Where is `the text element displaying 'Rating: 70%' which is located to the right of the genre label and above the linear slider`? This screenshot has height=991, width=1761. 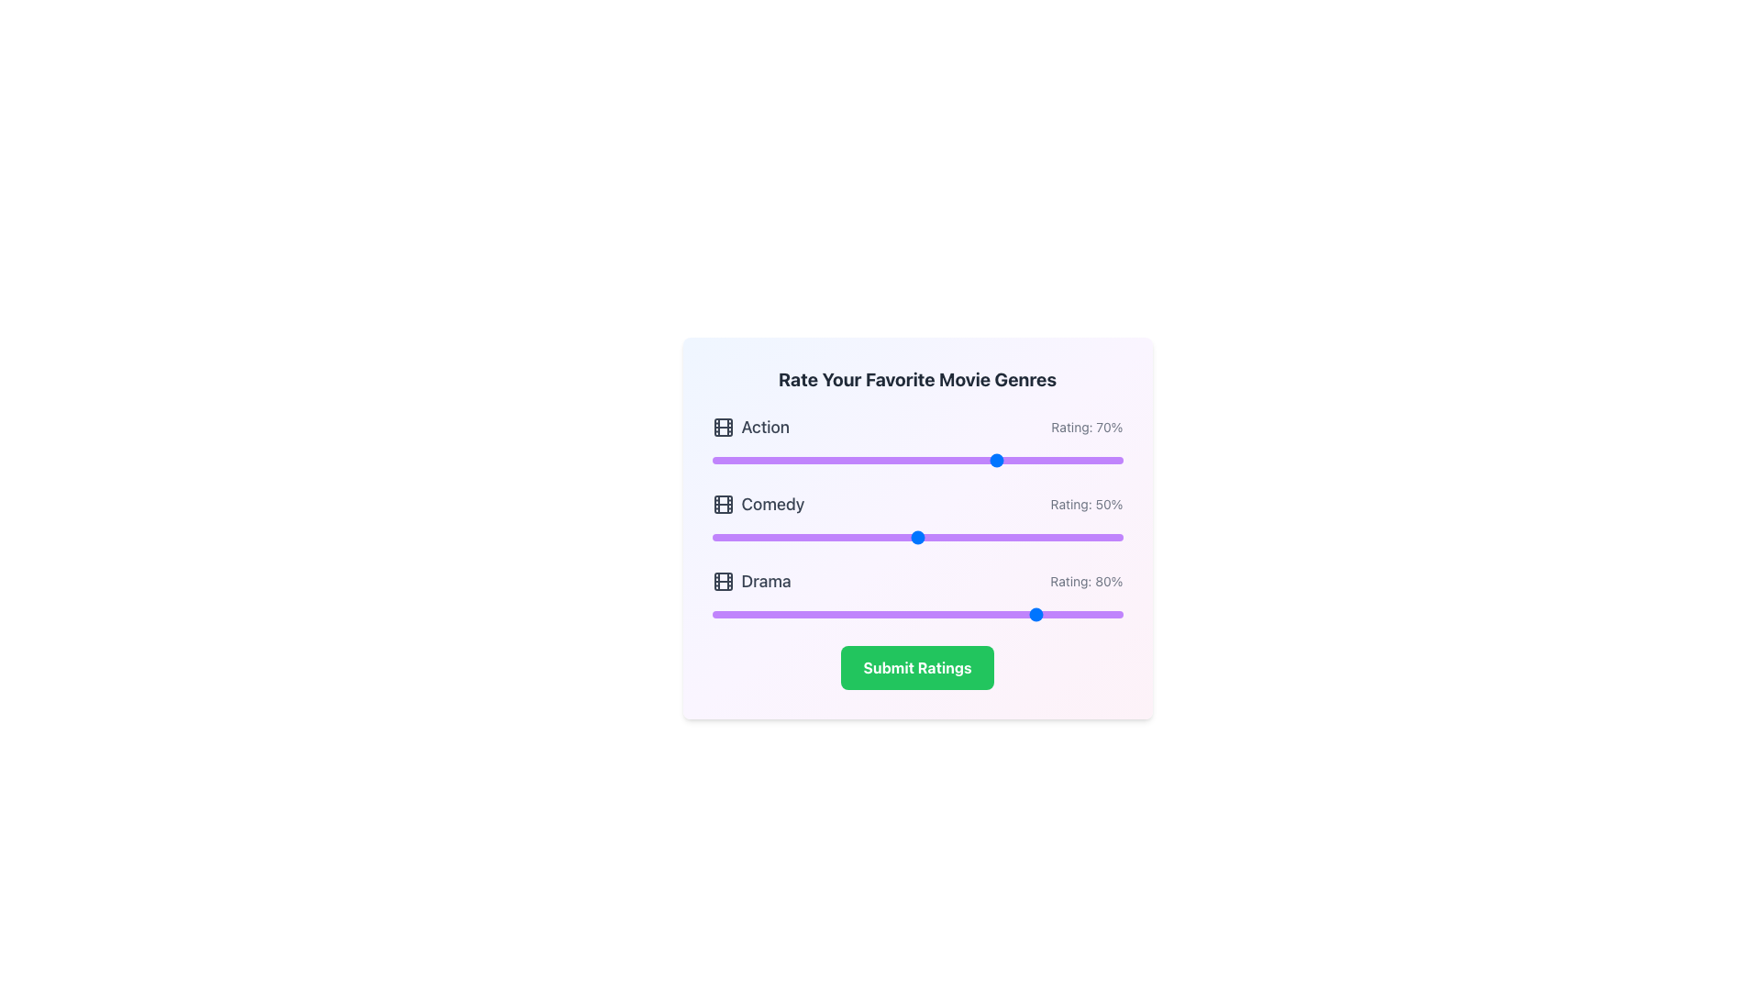
the text element displaying 'Rating: 70%' which is located to the right of the genre label and above the linear slider is located at coordinates (1087, 428).